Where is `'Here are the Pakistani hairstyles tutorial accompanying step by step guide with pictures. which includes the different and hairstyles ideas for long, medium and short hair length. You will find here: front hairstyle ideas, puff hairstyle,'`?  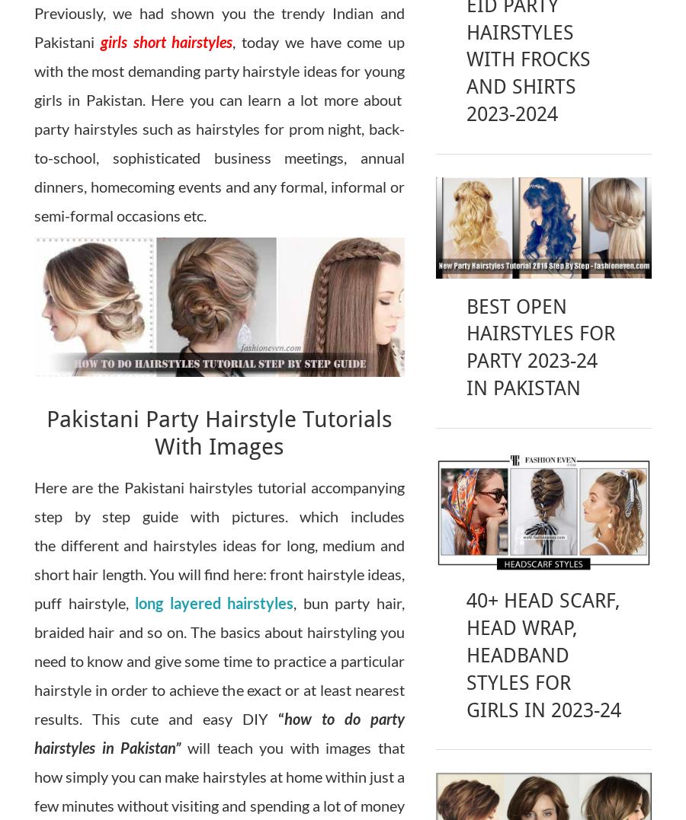
'Here are the Pakistani hairstyles tutorial accompanying step by step guide with pictures. which includes the different and hairstyles ideas for long, medium and short hair length. You will find here: front hairstyle ideas, puff hairstyle,' is located at coordinates (34, 544).